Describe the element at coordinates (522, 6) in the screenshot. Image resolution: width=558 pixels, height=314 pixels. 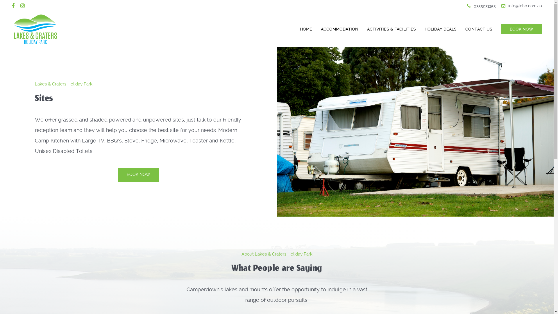
I see `'info@lchp.com.au'` at that location.